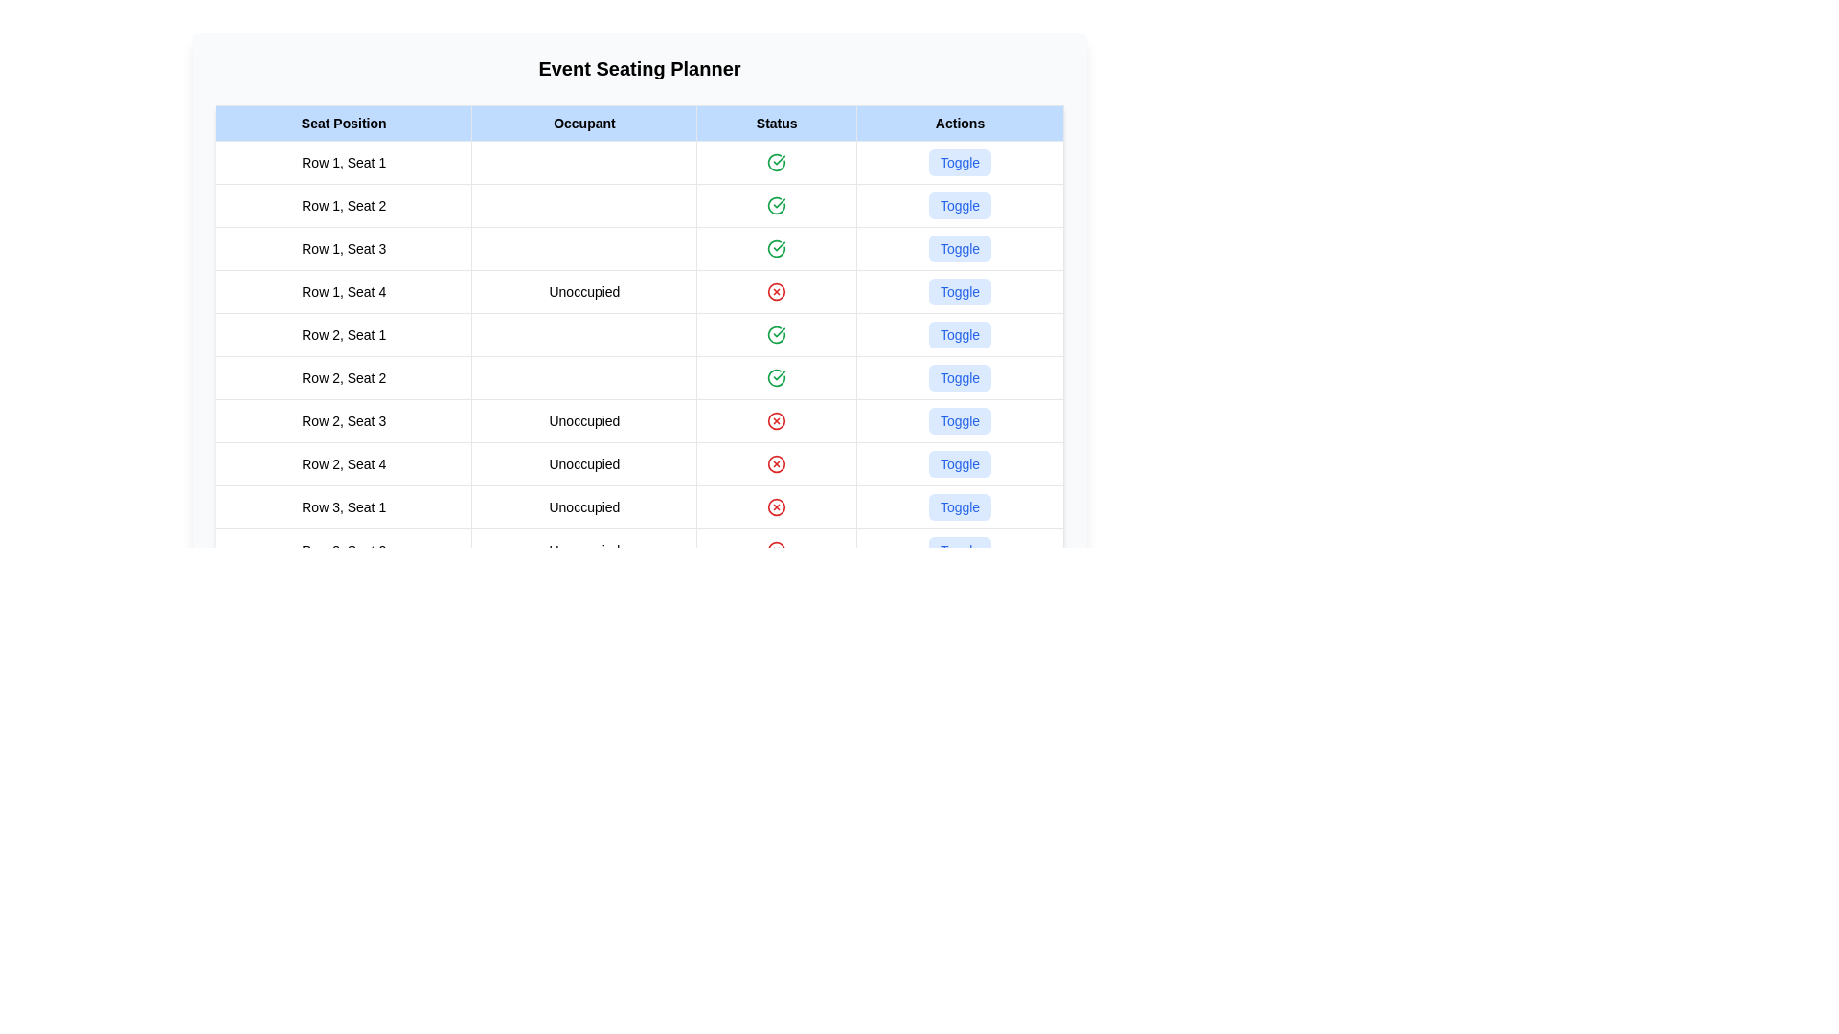  Describe the element at coordinates (583, 206) in the screenshot. I see `the non-interactive table cell located in the Occupant column for Row 1, Seat 2, which is a plain rectangular area with a white background and no visible content` at that location.